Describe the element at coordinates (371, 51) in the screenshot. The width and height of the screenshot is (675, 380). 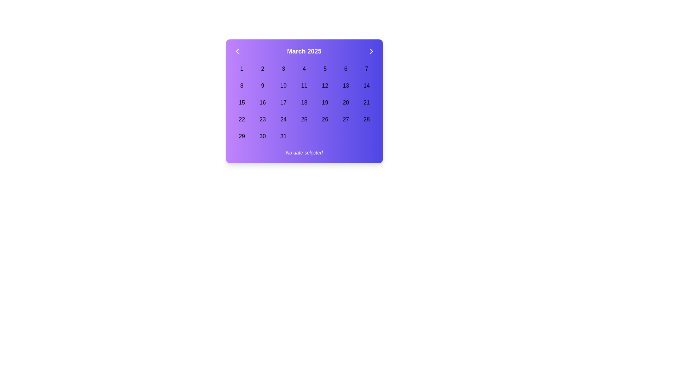
I see `the navigational icon located at the top-right corner of the calendar interface` at that location.